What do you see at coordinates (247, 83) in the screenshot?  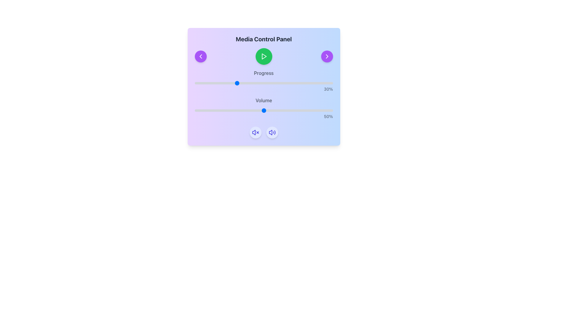 I see `progress` at bounding box center [247, 83].